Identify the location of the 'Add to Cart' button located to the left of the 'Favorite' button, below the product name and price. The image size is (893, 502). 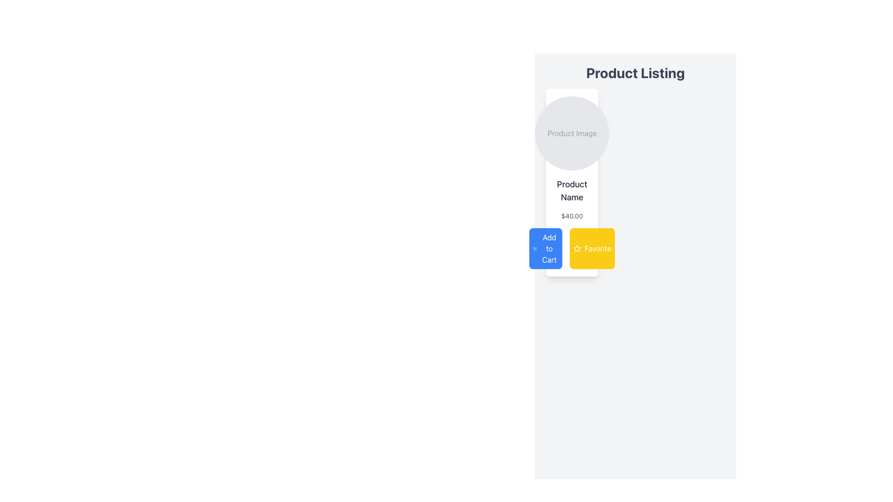
(546, 248).